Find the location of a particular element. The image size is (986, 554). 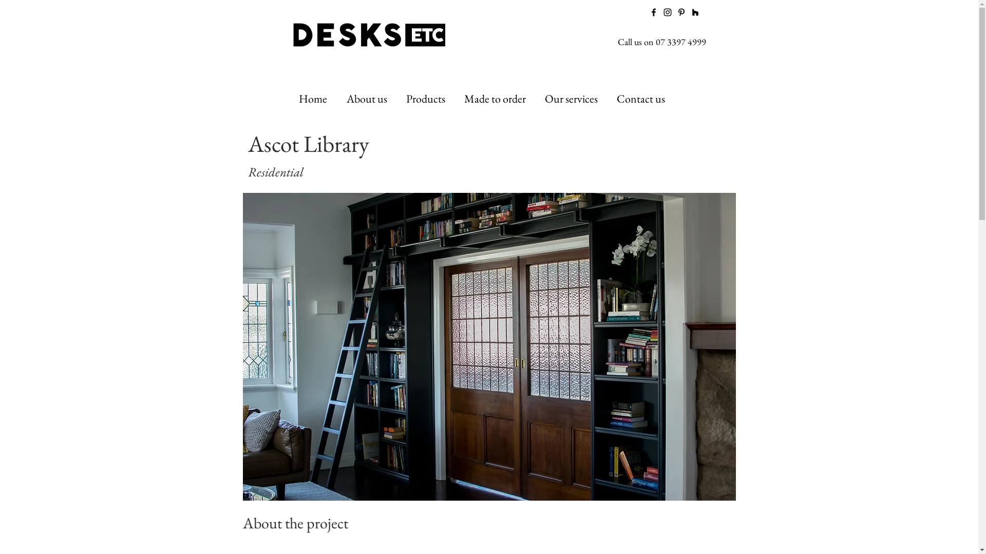

'Our services' is located at coordinates (573, 98).